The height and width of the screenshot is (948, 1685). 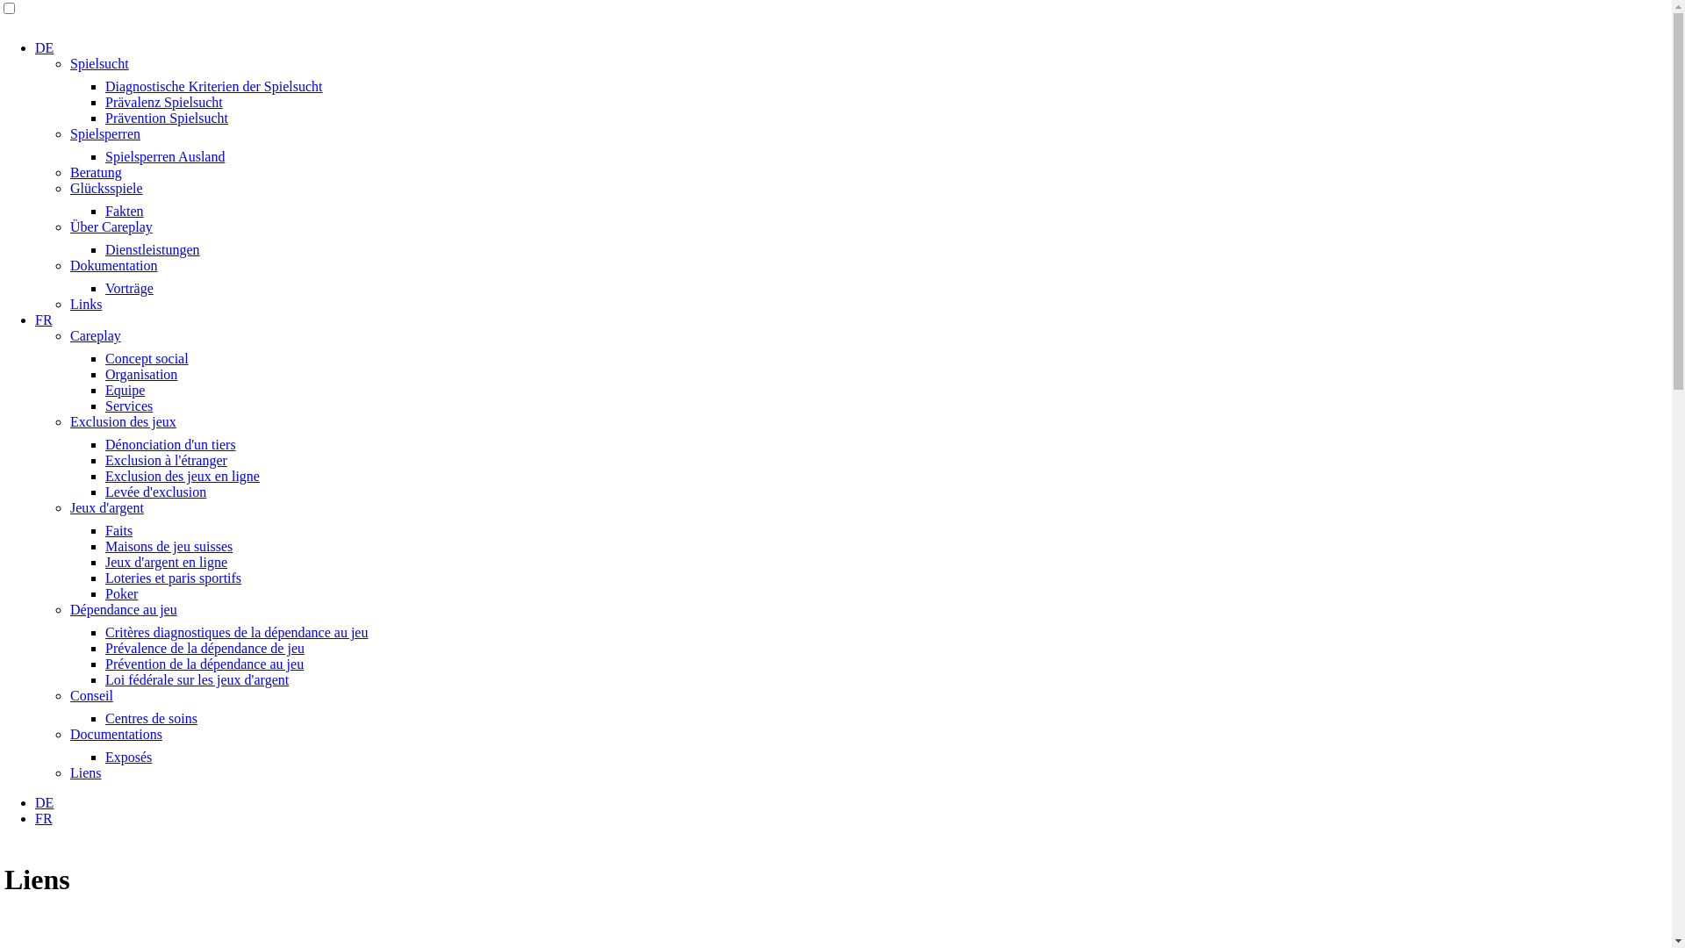 What do you see at coordinates (104, 373) in the screenshot?
I see `'Organisation'` at bounding box center [104, 373].